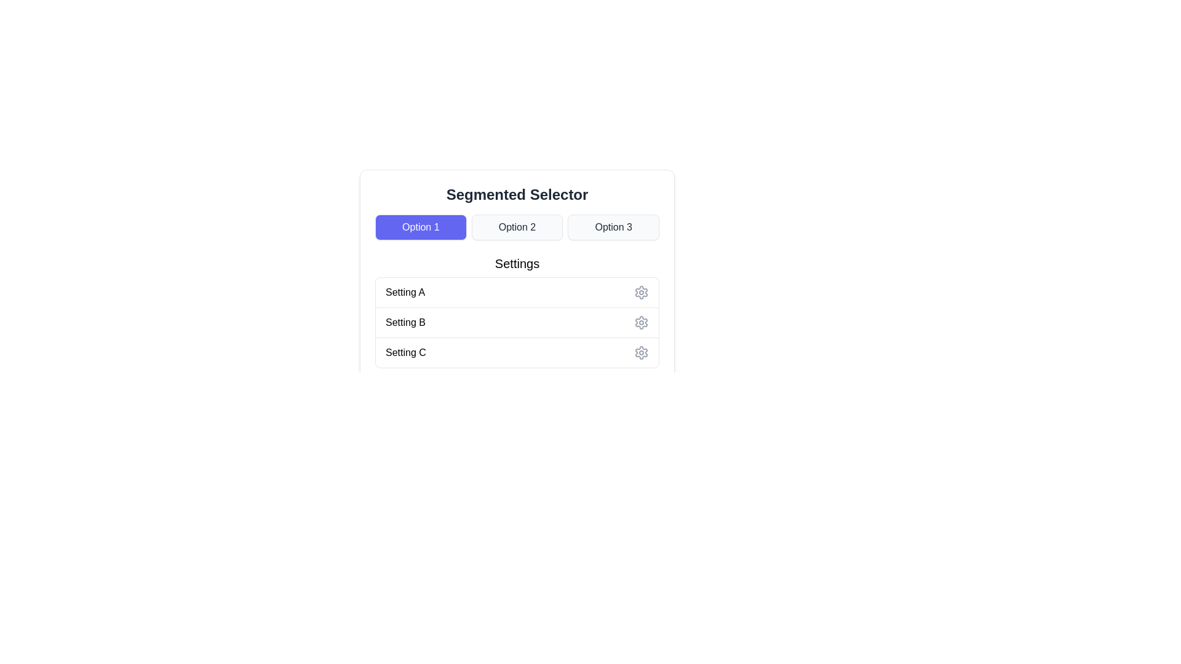 This screenshot has height=664, width=1181. What do you see at coordinates (640, 292) in the screenshot?
I see `the first gear icon button on the topmost row of the settings list` at bounding box center [640, 292].